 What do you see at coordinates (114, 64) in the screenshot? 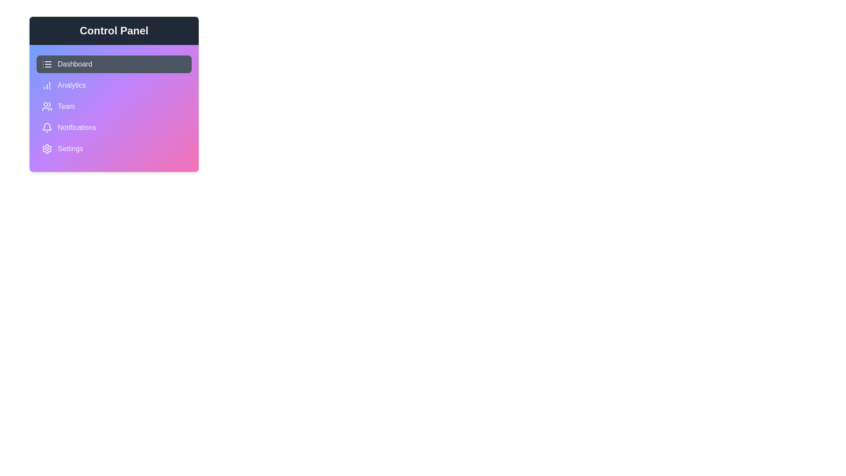
I see `the 'Dashboard' button located at the top-left corner of the sidebar menu` at bounding box center [114, 64].